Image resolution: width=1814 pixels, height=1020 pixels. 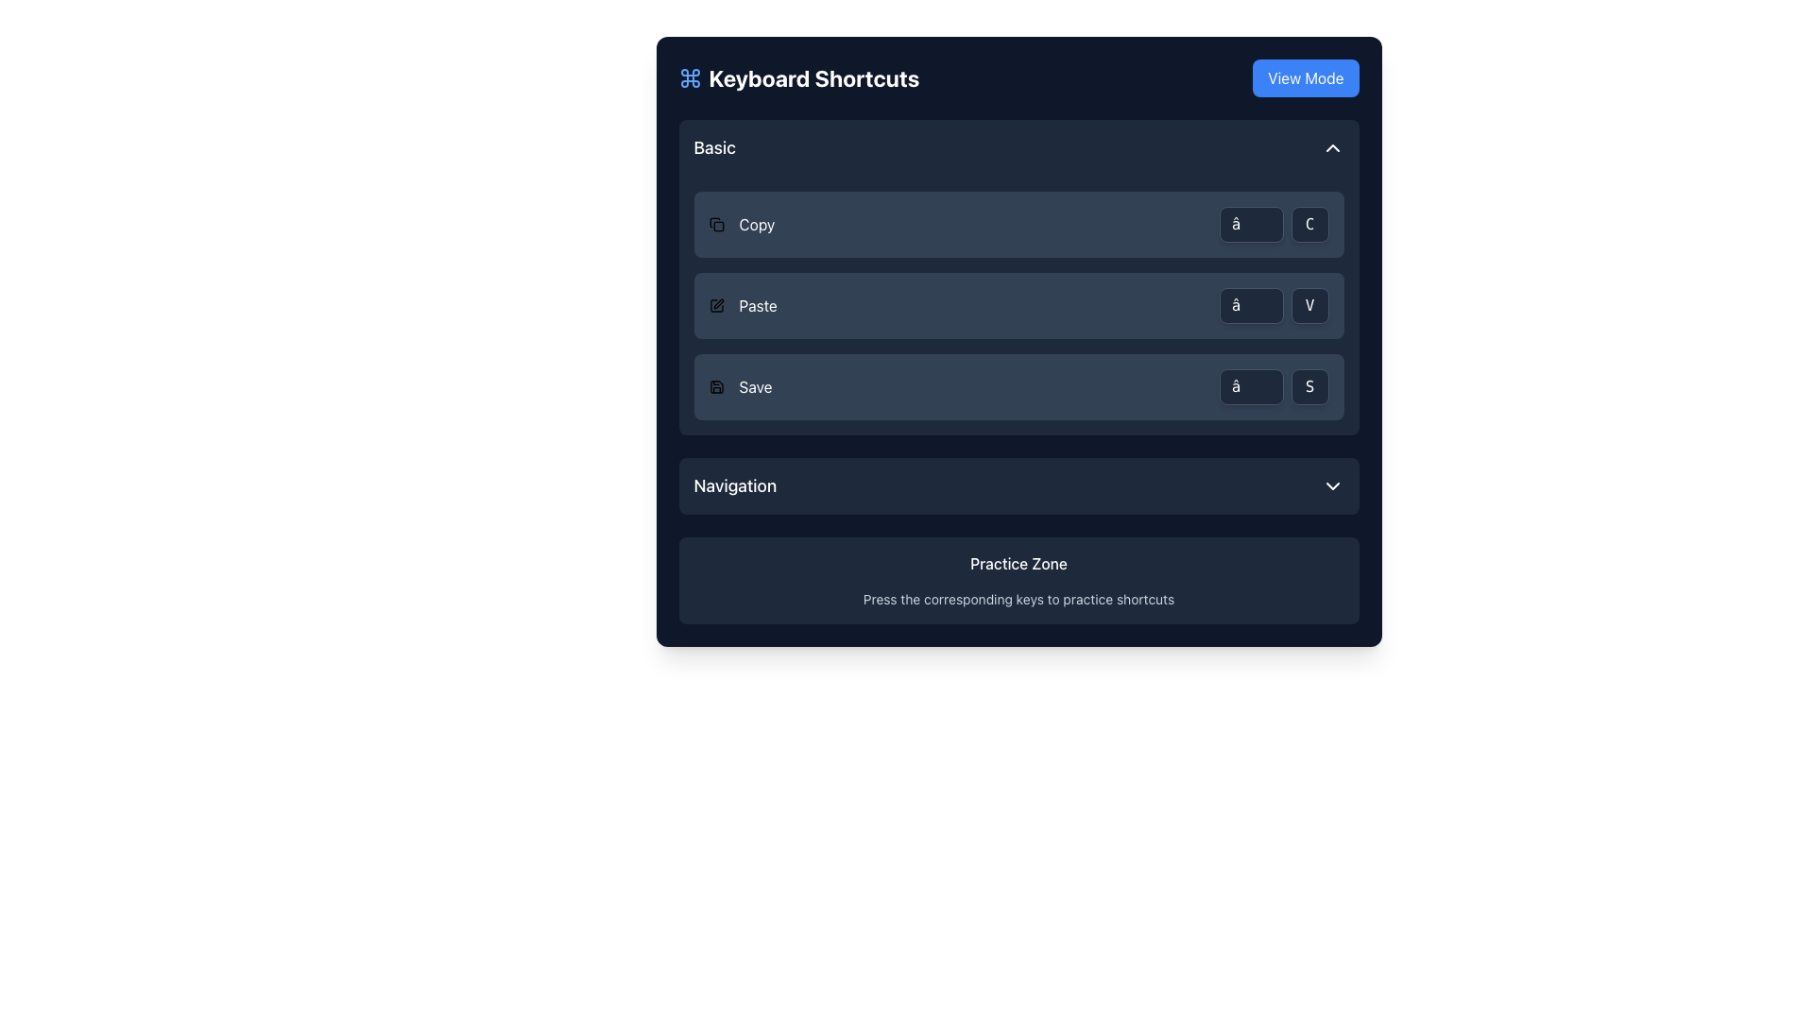 What do you see at coordinates (715, 305) in the screenshot?
I see `the small pen icon located to the left of the 'Paste' label, which is part of a list of keyboard shortcuts` at bounding box center [715, 305].